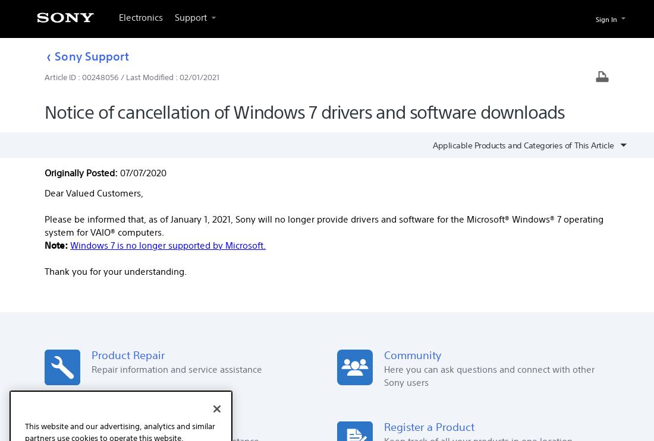 The image size is (654, 441). Describe the element at coordinates (93, 192) in the screenshot. I see `'Dear Valued Customers,'` at that location.